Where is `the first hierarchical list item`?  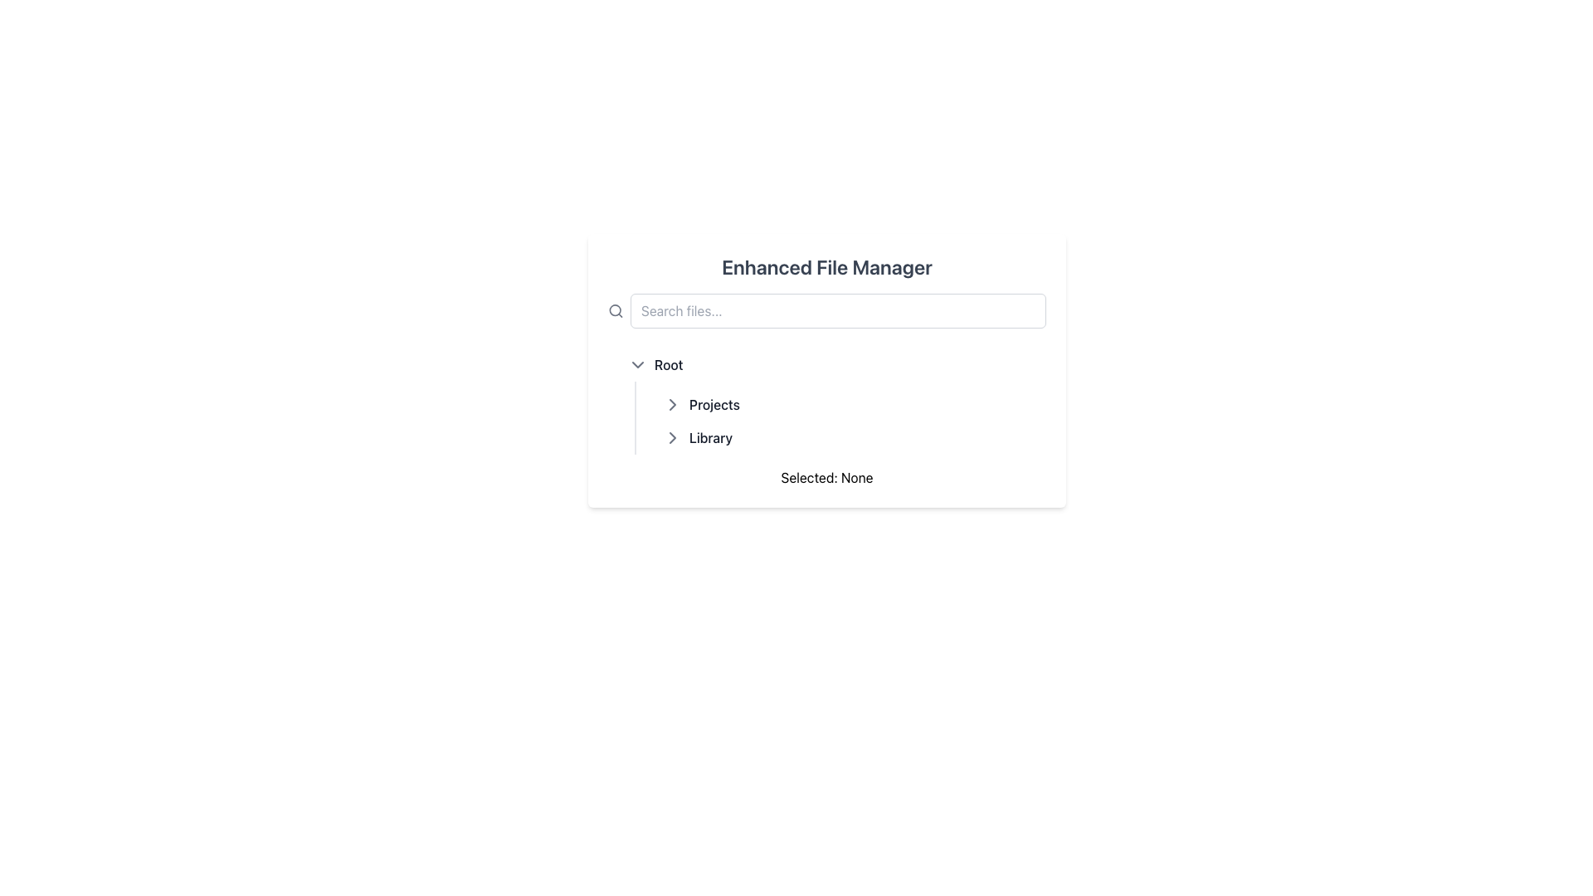 the first hierarchical list item is located at coordinates (833, 401).